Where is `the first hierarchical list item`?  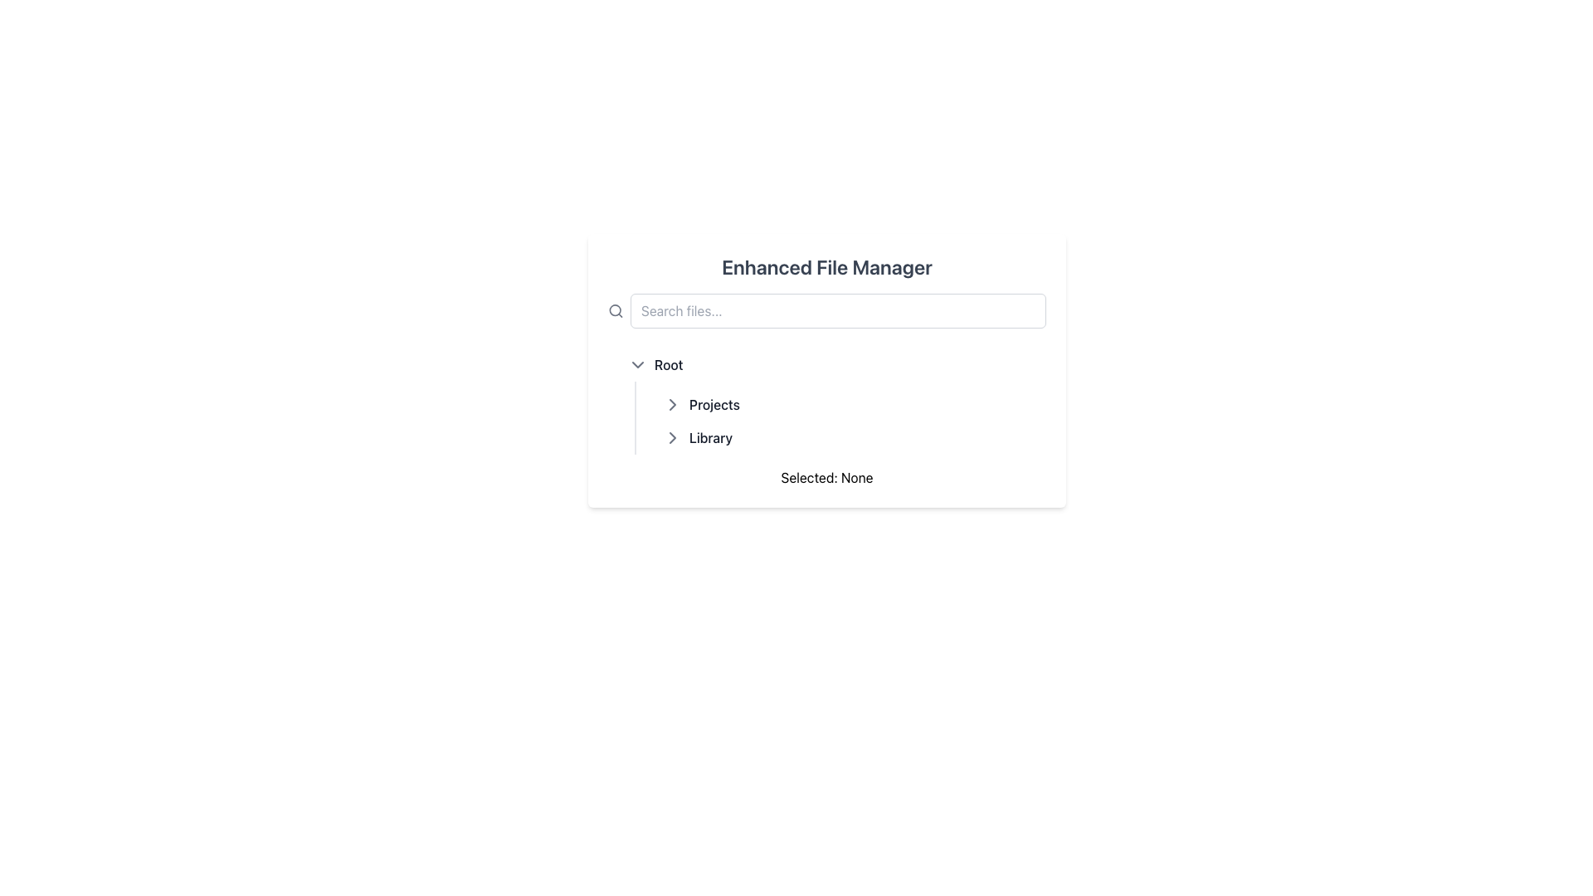 the first hierarchical list item is located at coordinates (833, 401).